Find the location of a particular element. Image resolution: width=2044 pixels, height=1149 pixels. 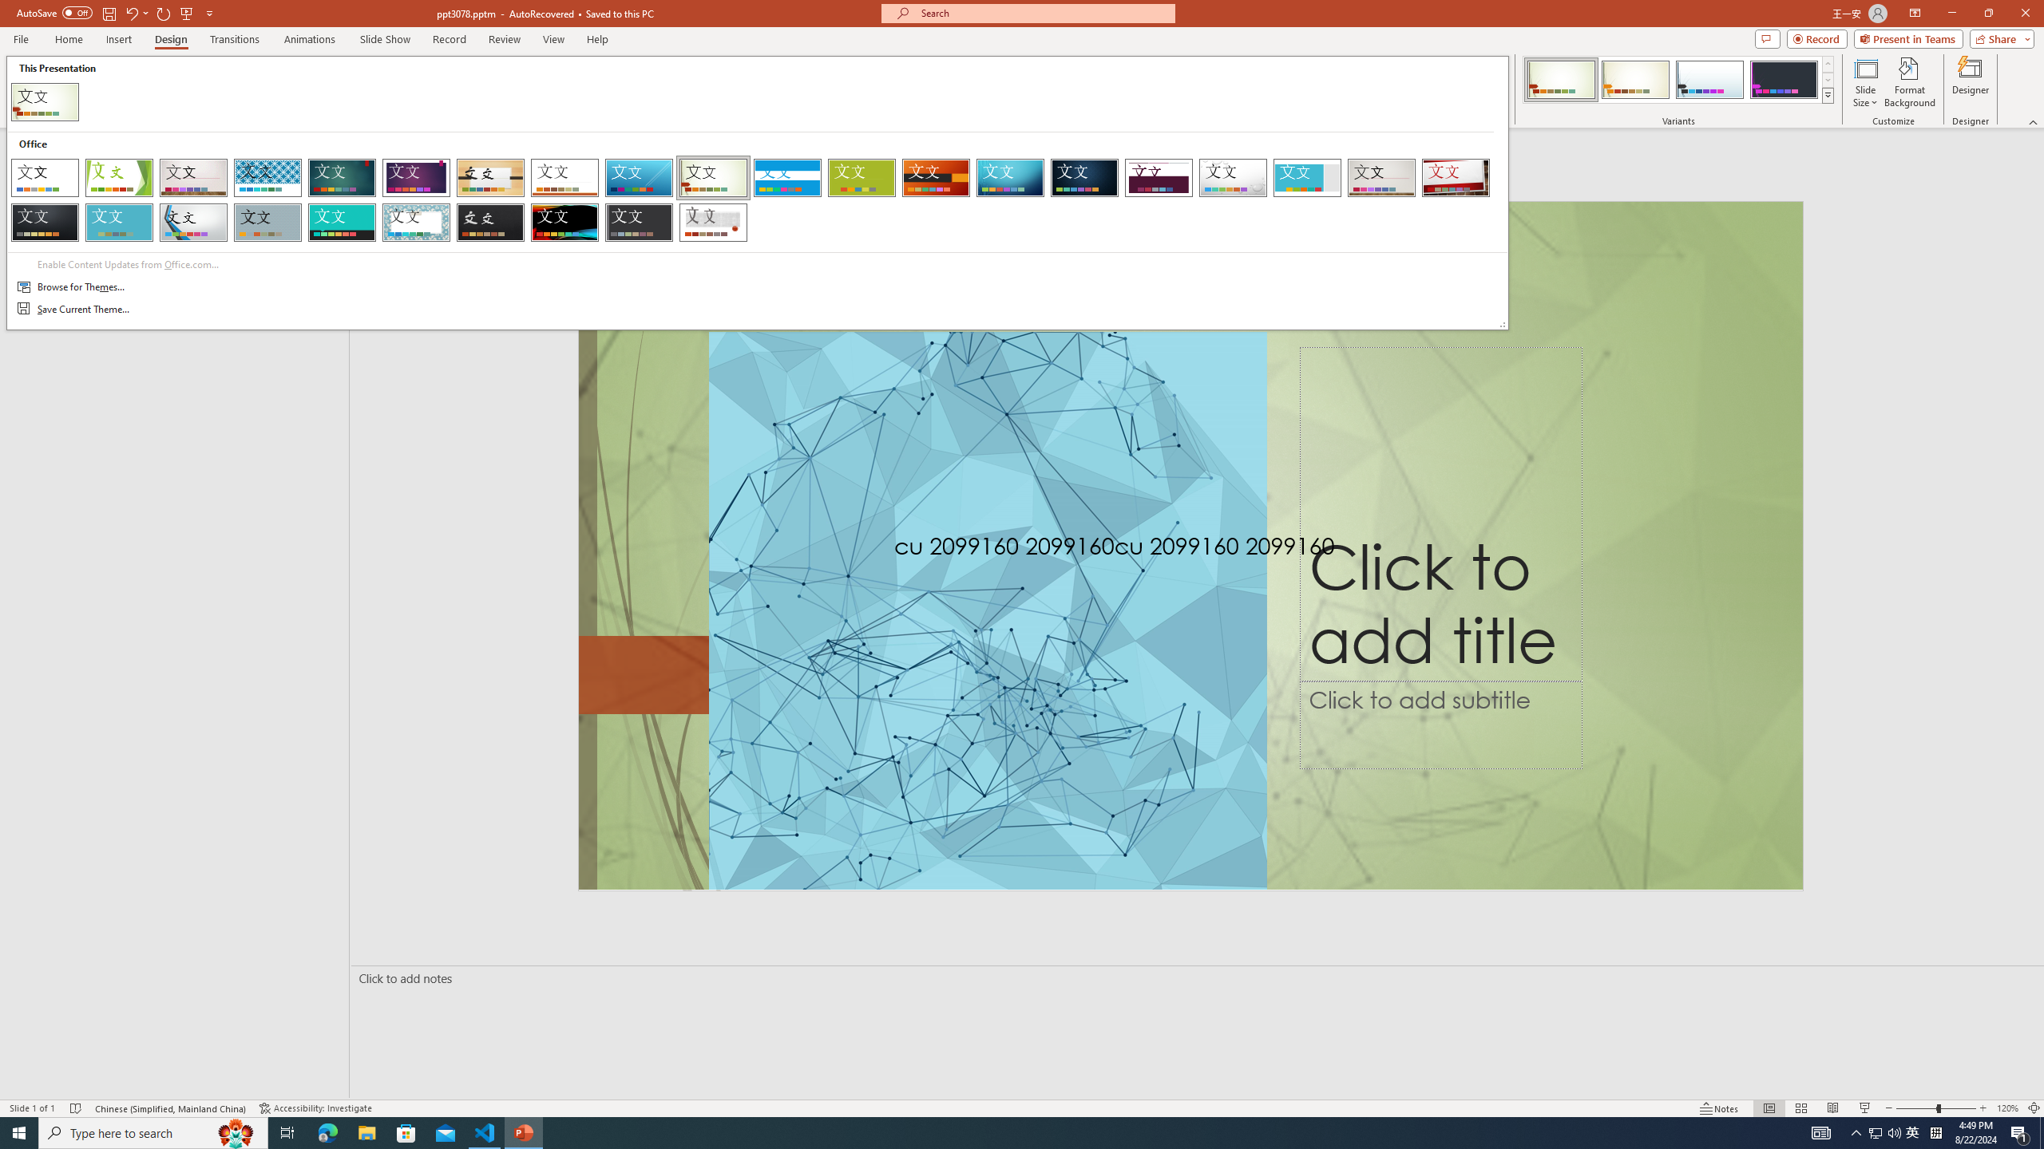

'AutomationID: ThemeVariantsGallery' is located at coordinates (1679, 79).